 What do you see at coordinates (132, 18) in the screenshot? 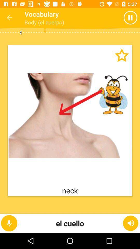
I see `the icon next to the body (el cuerpo)` at bounding box center [132, 18].